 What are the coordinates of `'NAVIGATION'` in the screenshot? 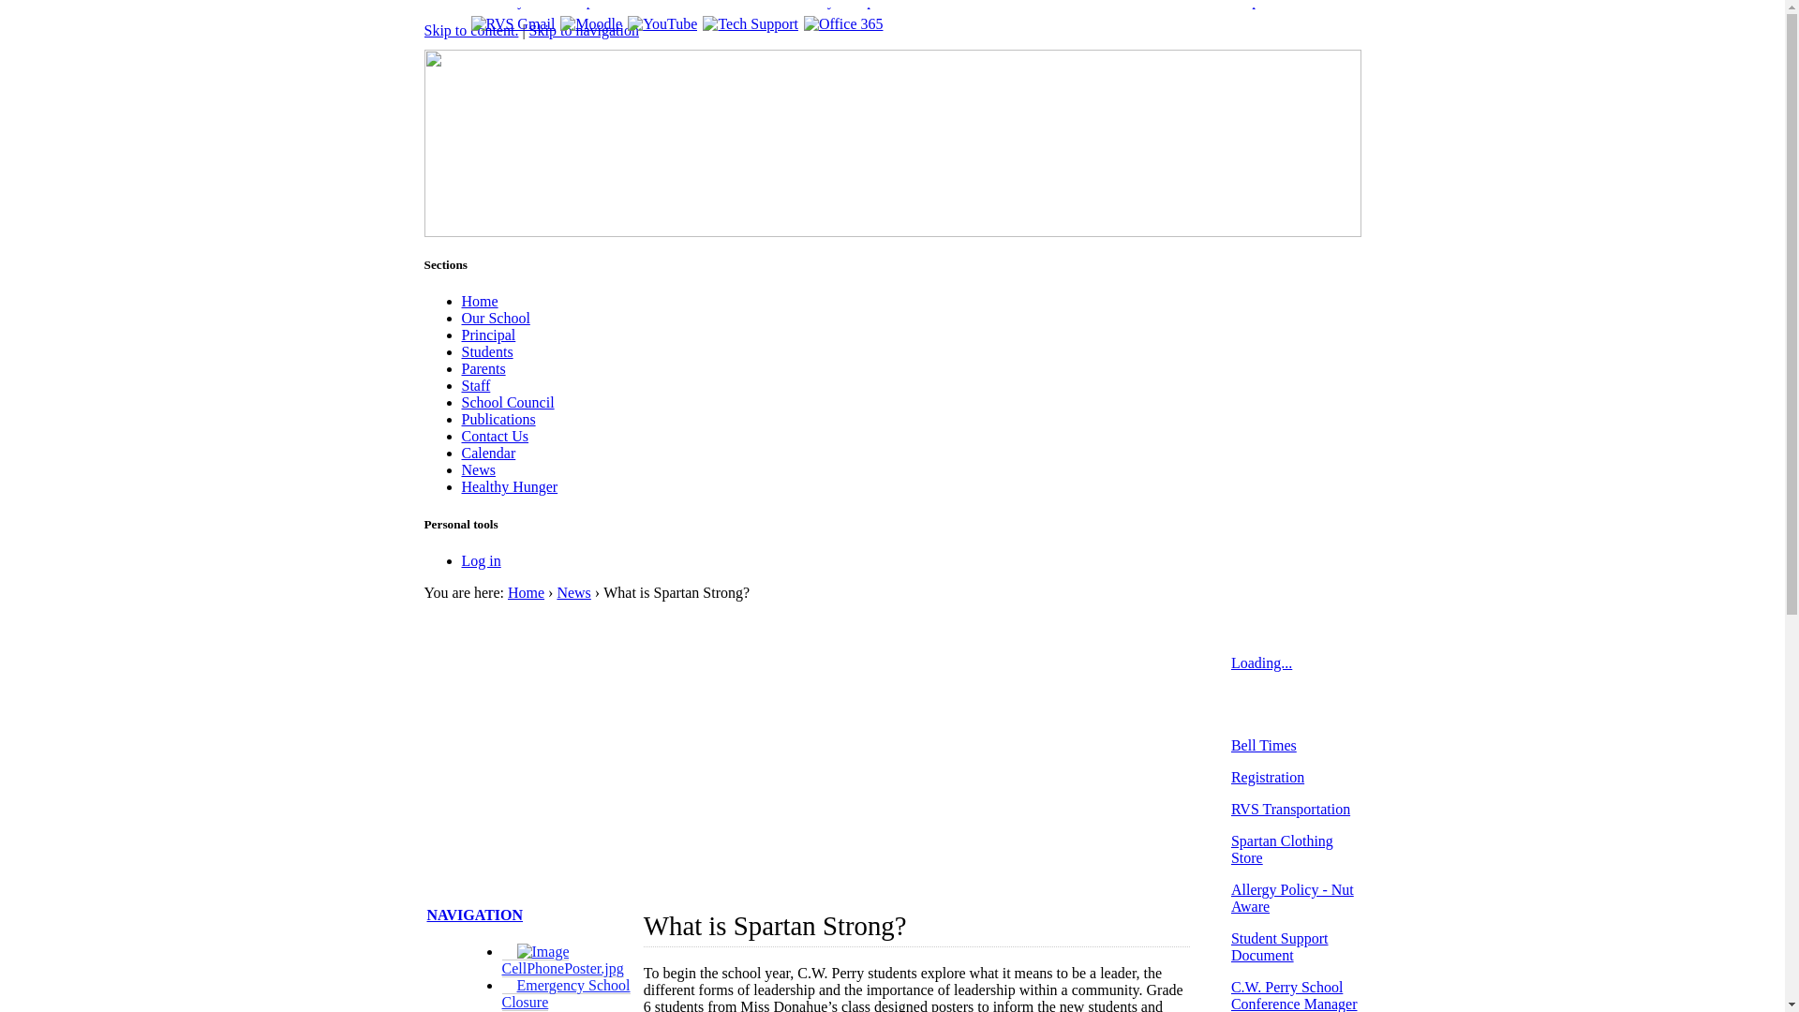 It's located at (475, 914).